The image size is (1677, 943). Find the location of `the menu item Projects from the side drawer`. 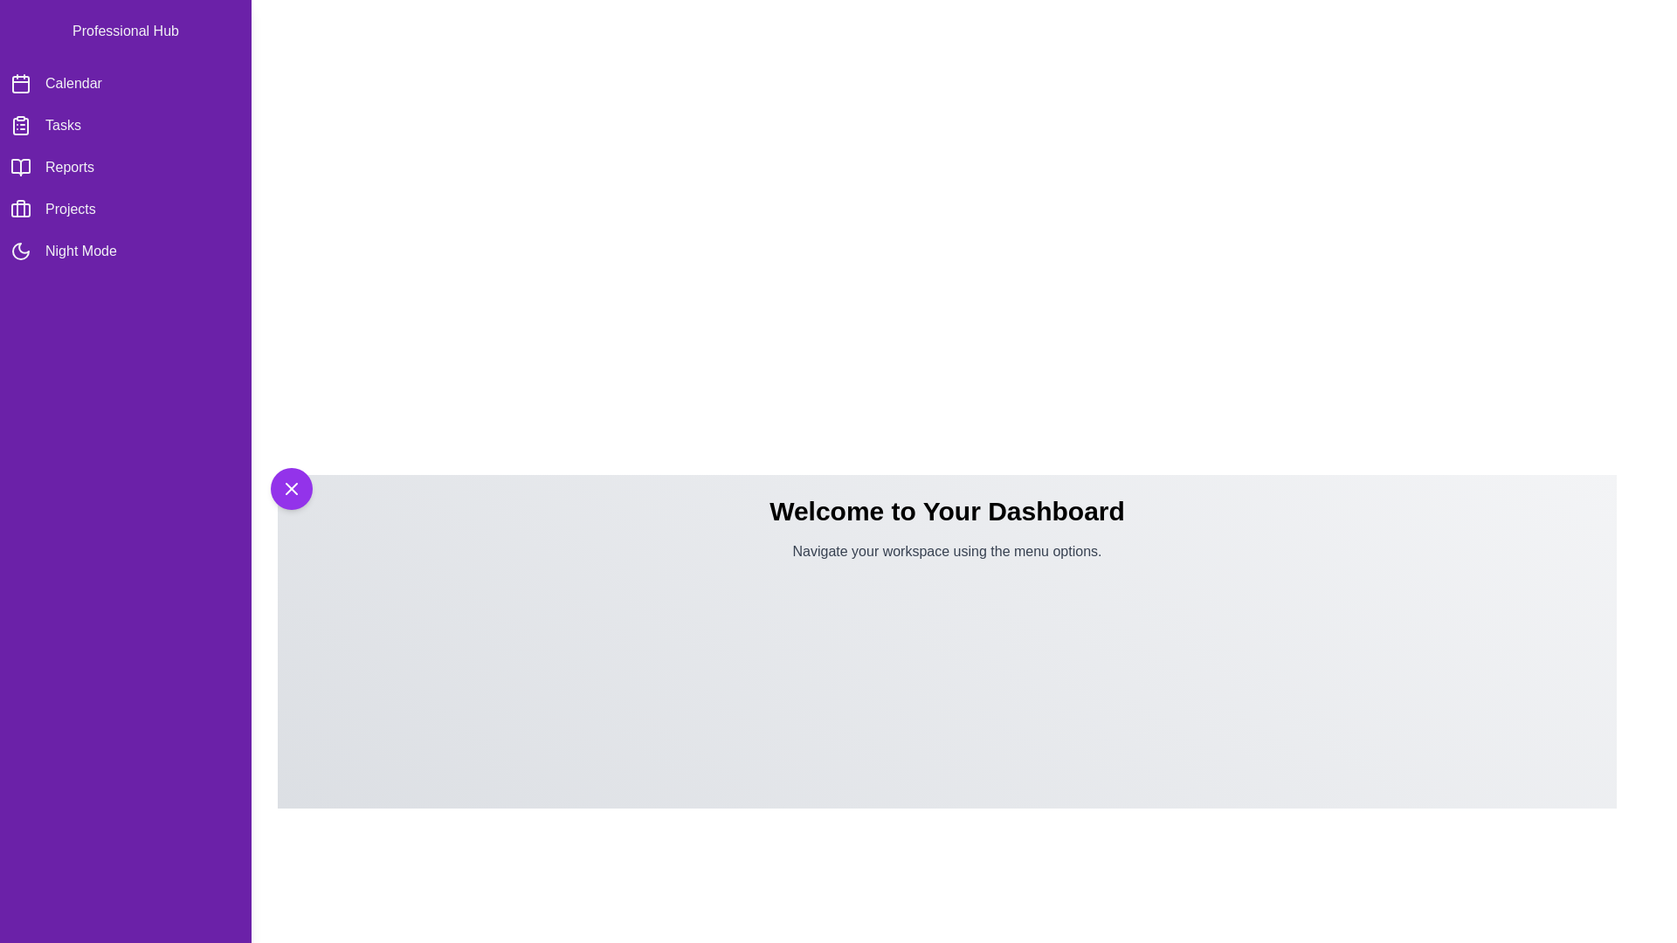

the menu item Projects from the side drawer is located at coordinates (125, 208).